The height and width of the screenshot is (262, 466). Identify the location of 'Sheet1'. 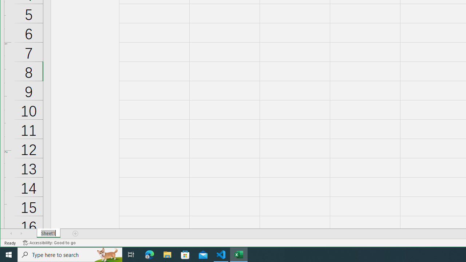
(48, 233).